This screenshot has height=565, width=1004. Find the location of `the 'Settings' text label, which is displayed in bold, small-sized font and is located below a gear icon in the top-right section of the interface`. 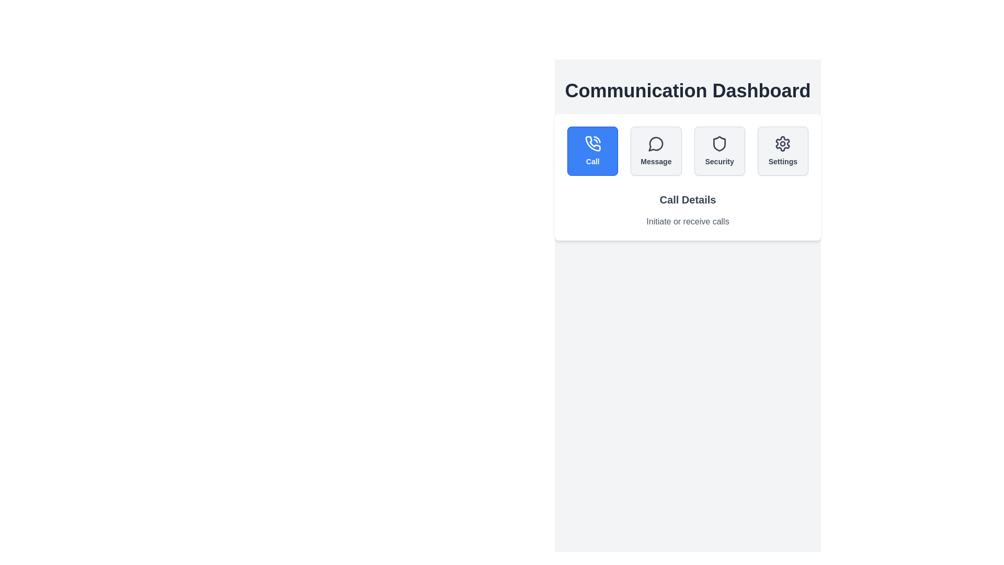

the 'Settings' text label, which is displayed in bold, small-sized font and is located below a gear icon in the top-right section of the interface is located at coordinates (783, 161).